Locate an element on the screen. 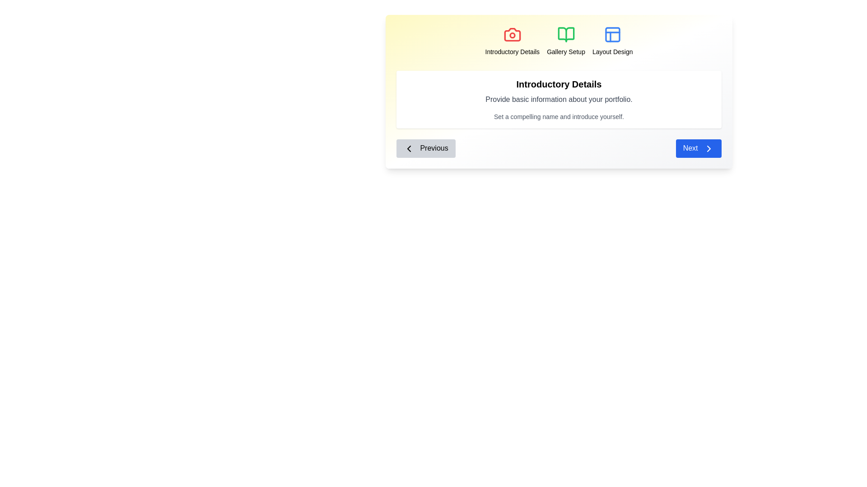 The image size is (867, 487). the arrow-shaped navigation icon located in the top-right corner of the 'Next' button is located at coordinates (708, 147).